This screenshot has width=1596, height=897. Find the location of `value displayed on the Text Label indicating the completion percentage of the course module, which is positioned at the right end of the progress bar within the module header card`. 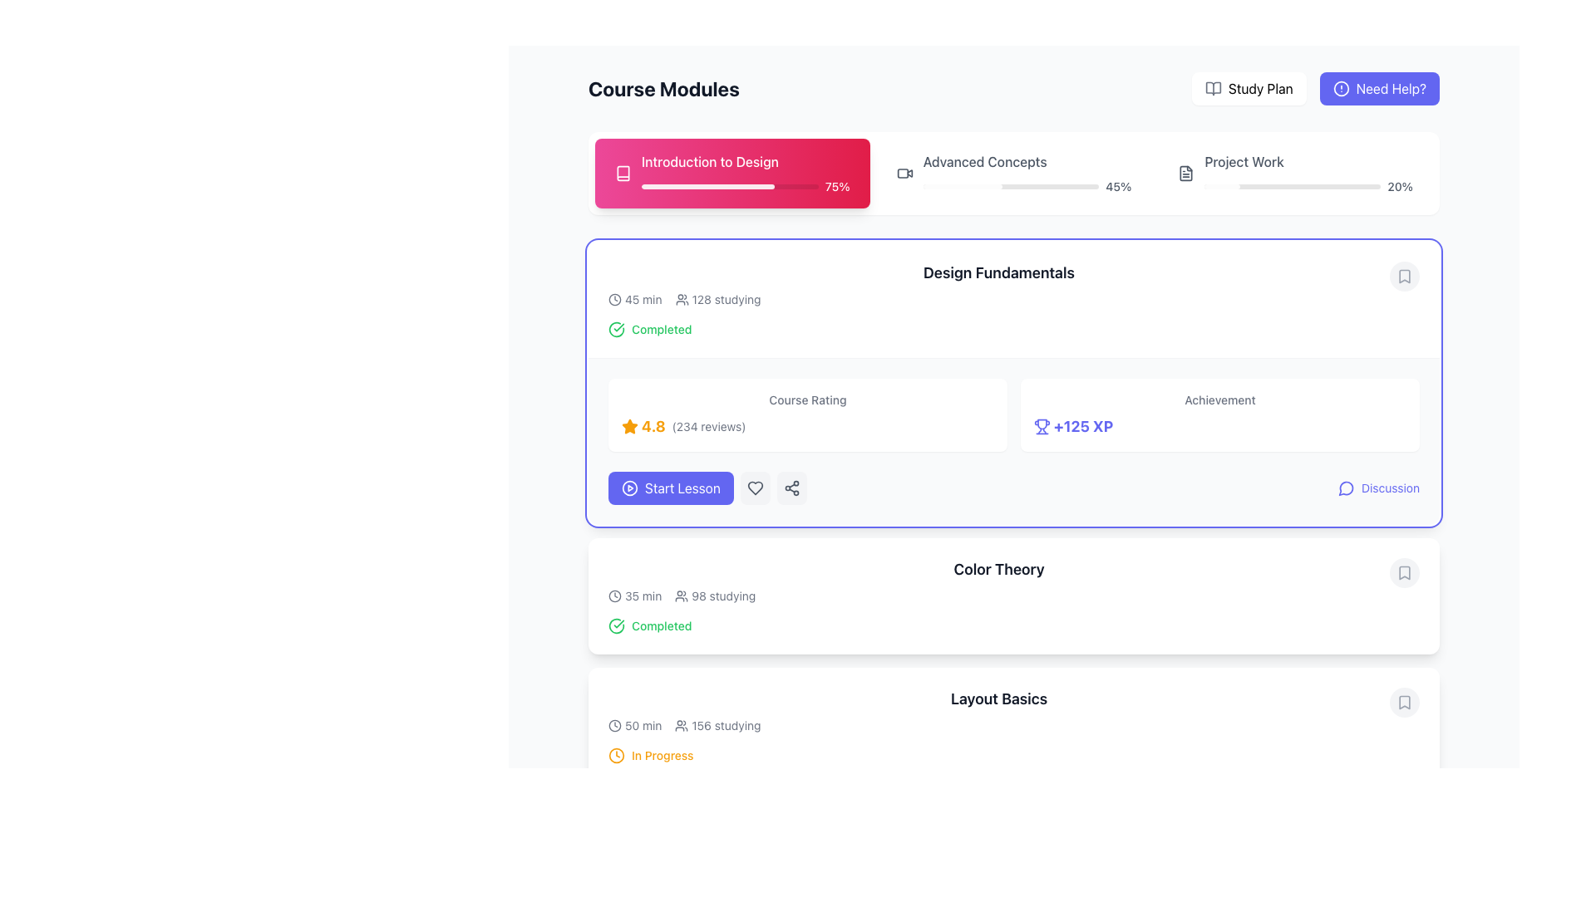

value displayed on the Text Label indicating the completion percentage of the course module, which is positioned at the right end of the progress bar within the module header card is located at coordinates (837, 186).